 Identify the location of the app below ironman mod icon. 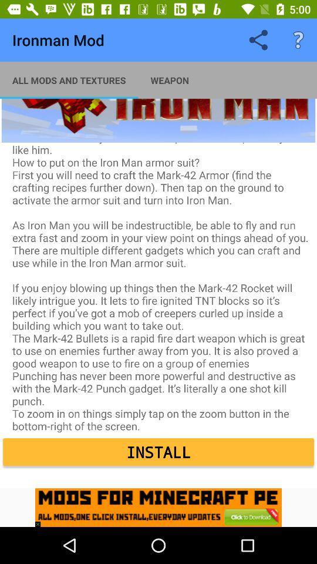
(69, 79).